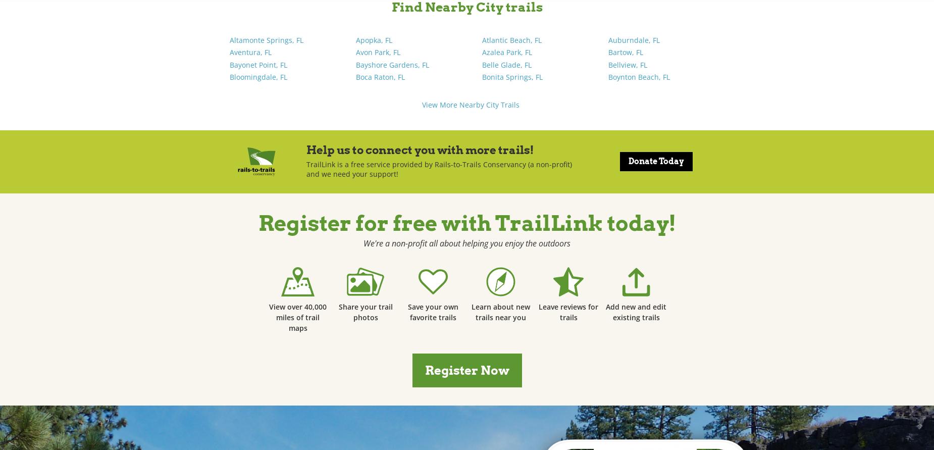  I want to click on 'Register Now', so click(466, 370).